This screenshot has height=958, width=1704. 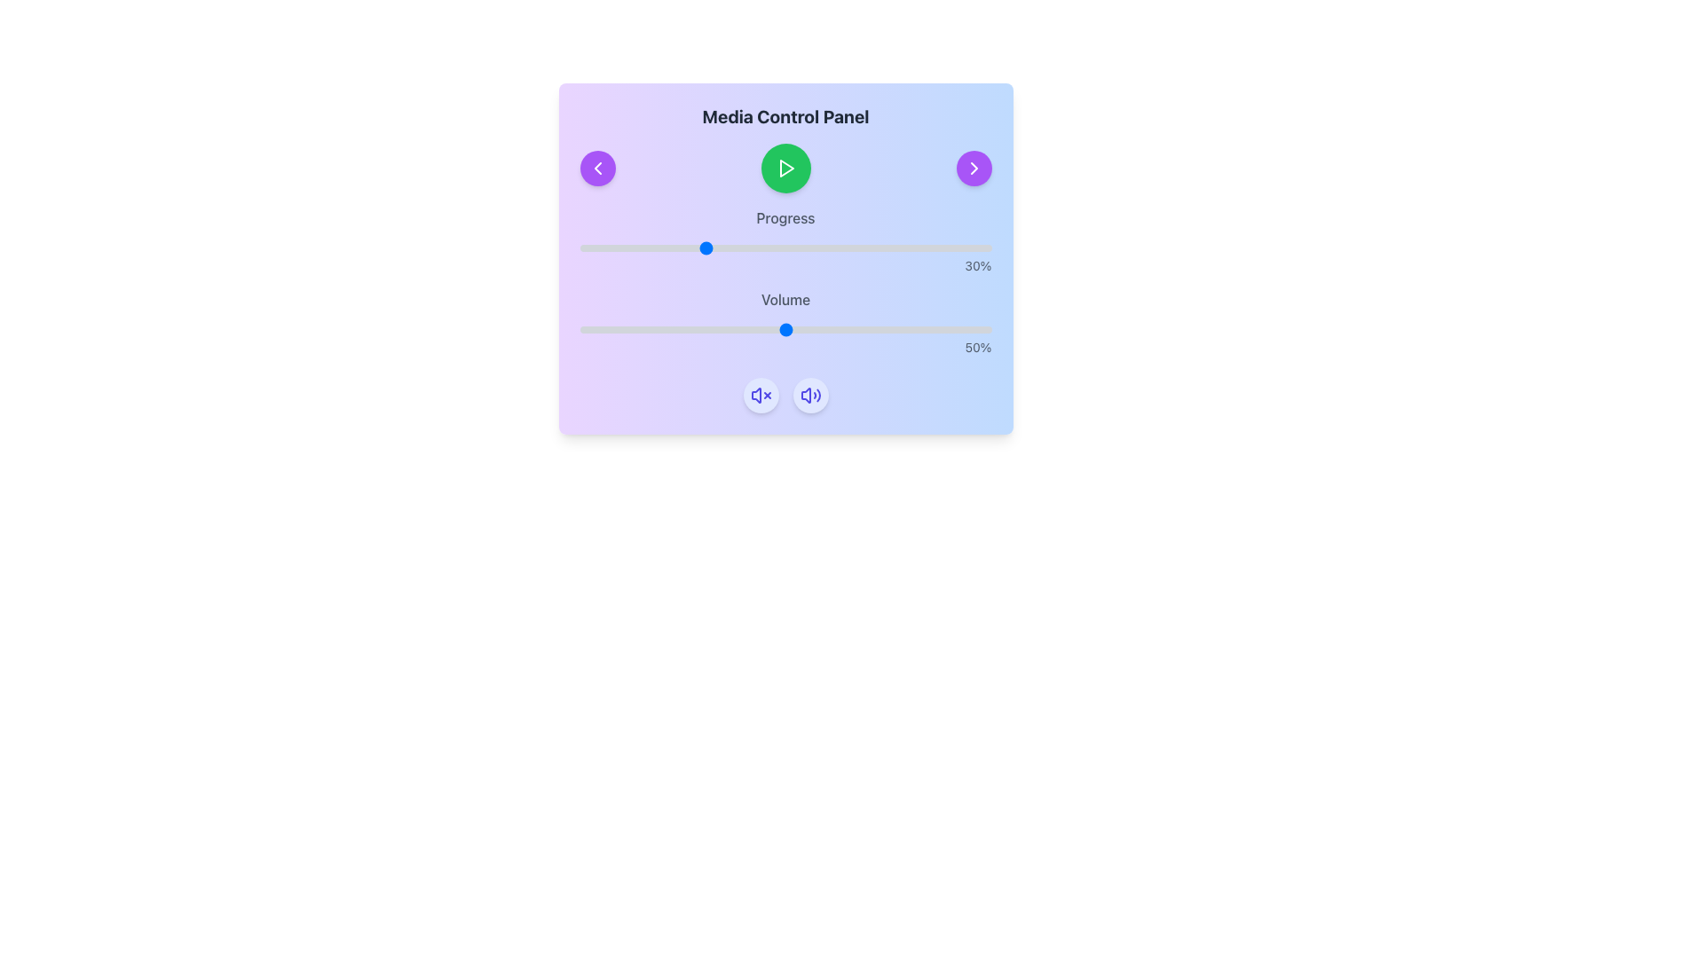 What do you see at coordinates (785, 168) in the screenshot?
I see `the circular green button with a white play icon` at bounding box center [785, 168].